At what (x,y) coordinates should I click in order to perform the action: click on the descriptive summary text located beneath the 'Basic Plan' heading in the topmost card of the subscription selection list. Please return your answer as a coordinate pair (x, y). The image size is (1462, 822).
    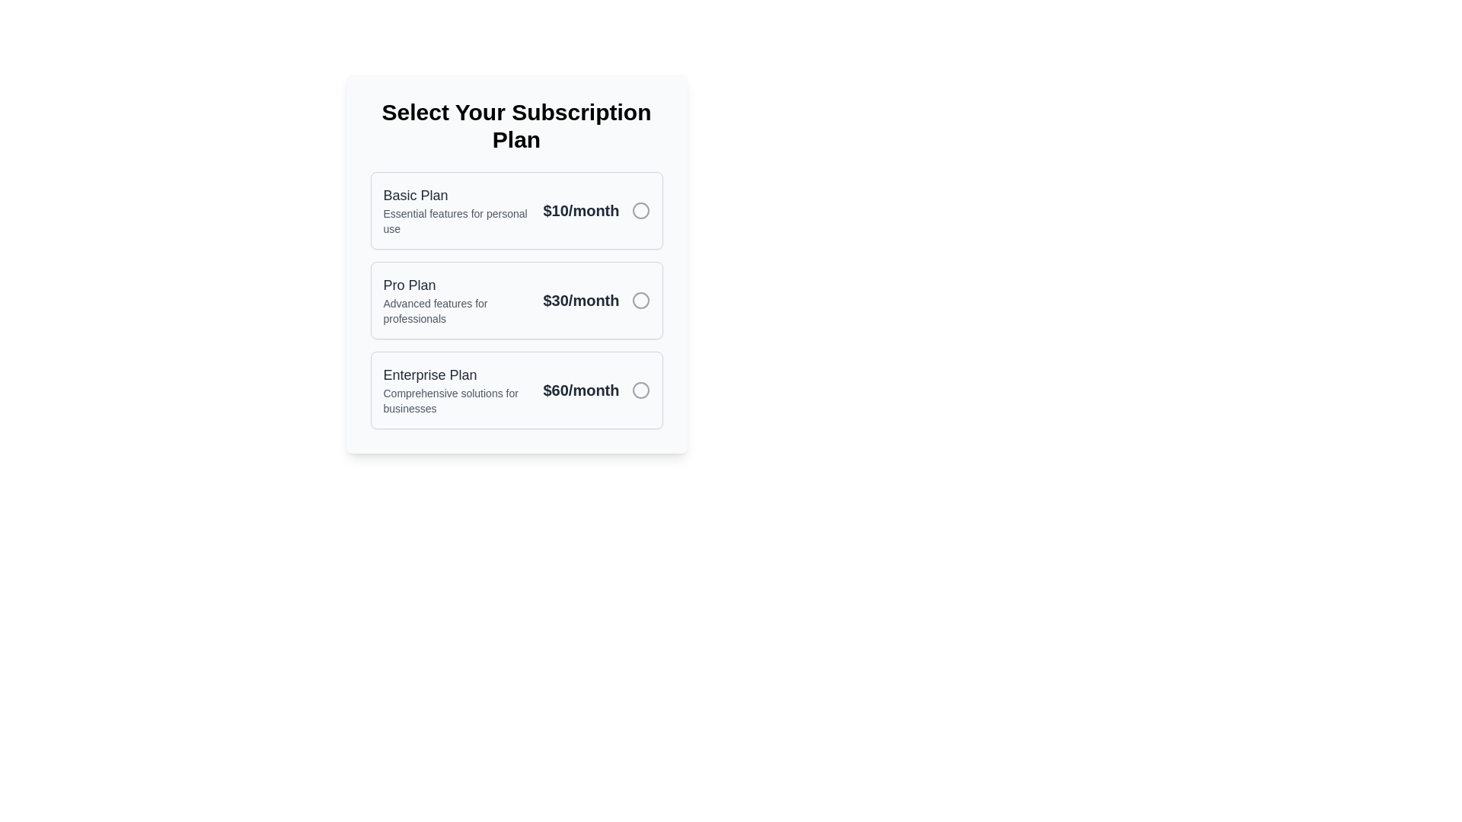
    Looking at the image, I should click on (456, 221).